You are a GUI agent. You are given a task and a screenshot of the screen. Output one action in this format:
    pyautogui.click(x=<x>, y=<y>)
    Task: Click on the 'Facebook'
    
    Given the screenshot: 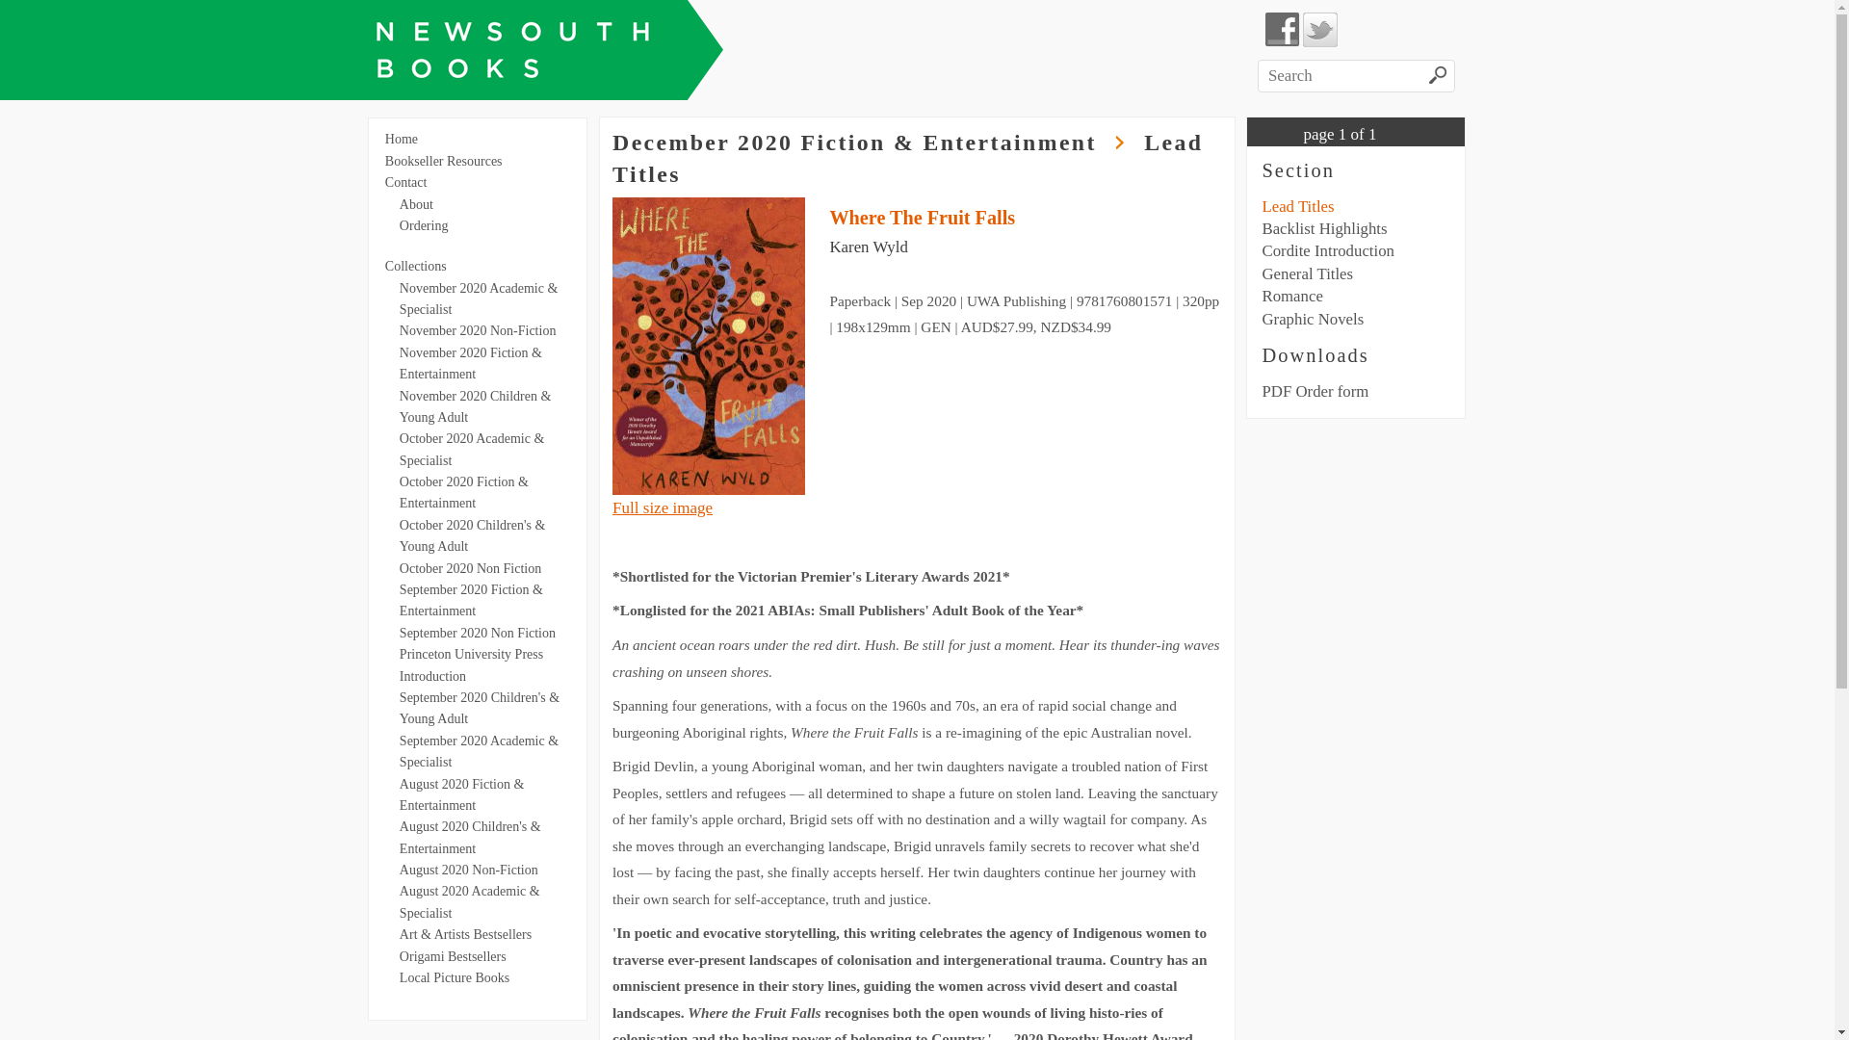 What is the action you would take?
    pyautogui.click(x=1265, y=29)
    